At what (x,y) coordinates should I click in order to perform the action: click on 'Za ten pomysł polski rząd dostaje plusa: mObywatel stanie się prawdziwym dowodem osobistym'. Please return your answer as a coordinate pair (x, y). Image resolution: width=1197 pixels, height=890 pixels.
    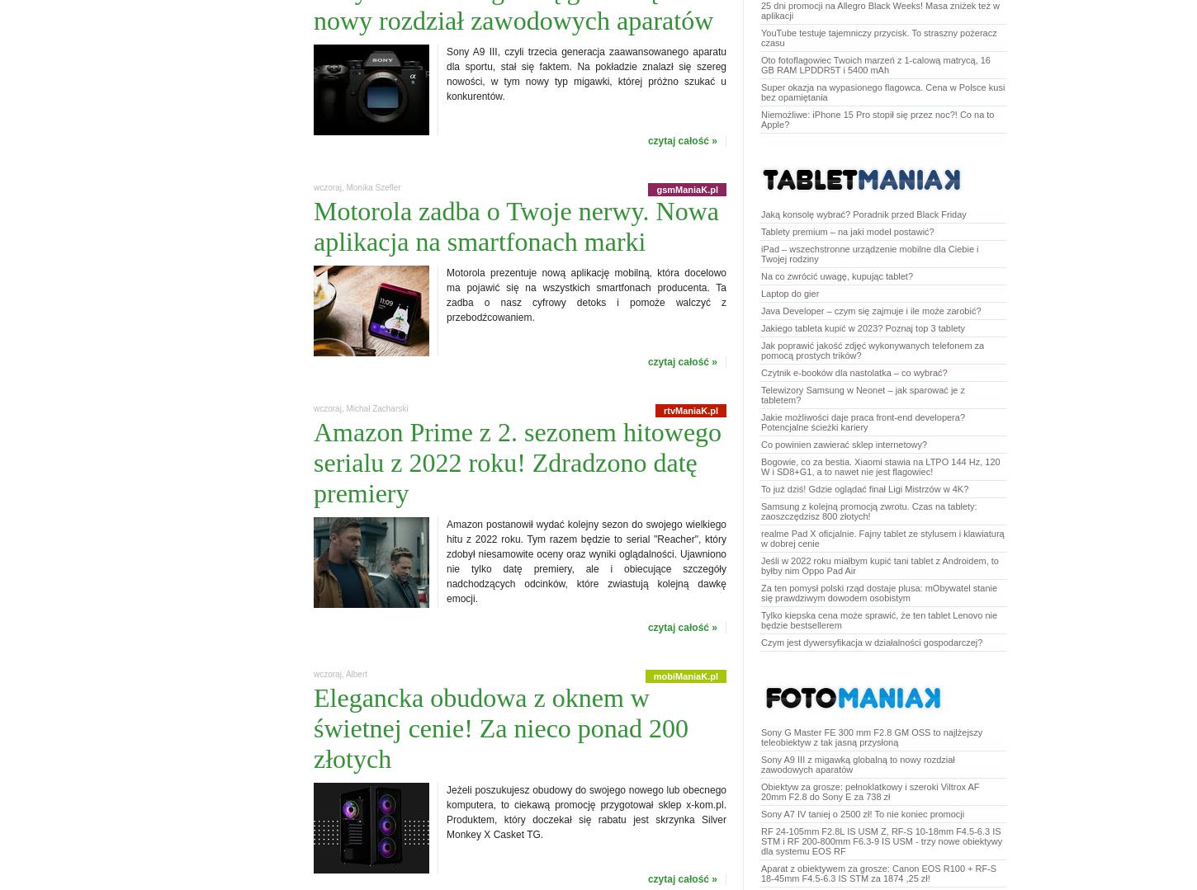
    Looking at the image, I should click on (760, 592).